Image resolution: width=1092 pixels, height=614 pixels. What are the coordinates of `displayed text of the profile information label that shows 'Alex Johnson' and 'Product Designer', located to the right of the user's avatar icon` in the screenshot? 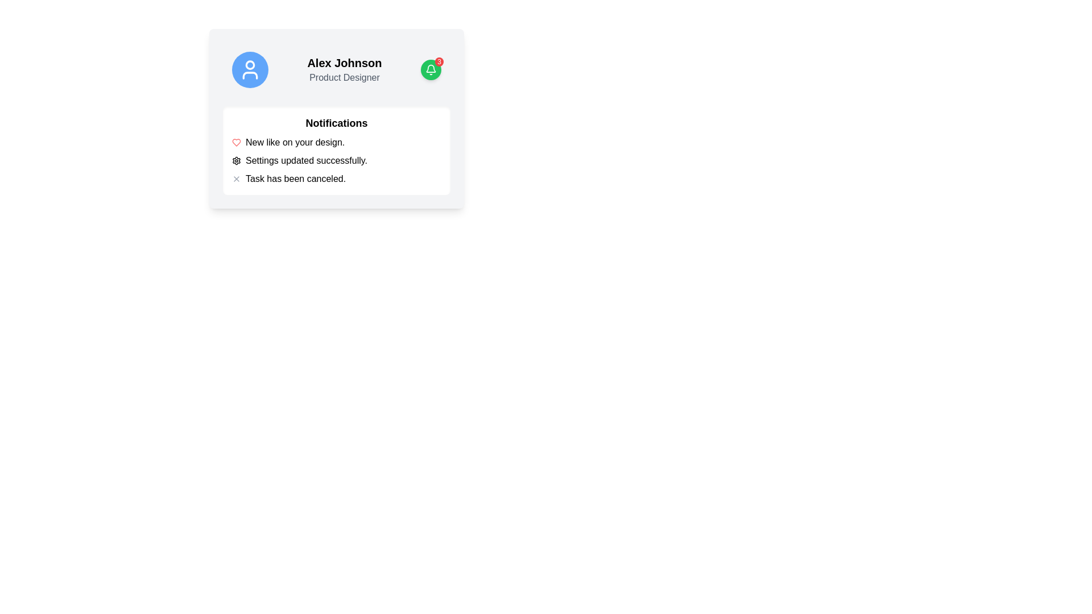 It's located at (344, 70).